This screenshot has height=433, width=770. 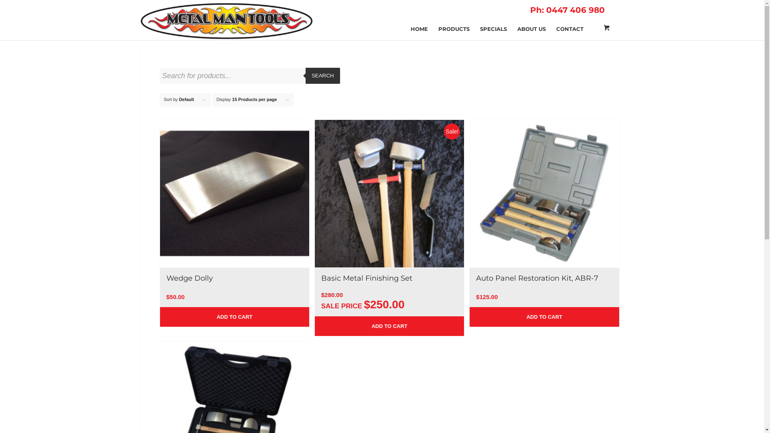 What do you see at coordinates (305, 76) in the screenshot?
I see `'SEARCH'` at bounding box center [305, 76].